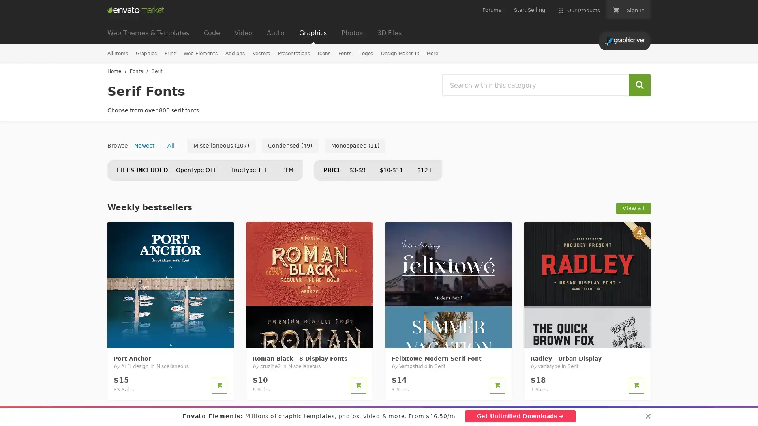  I want to click on Search, so click(640, 85).